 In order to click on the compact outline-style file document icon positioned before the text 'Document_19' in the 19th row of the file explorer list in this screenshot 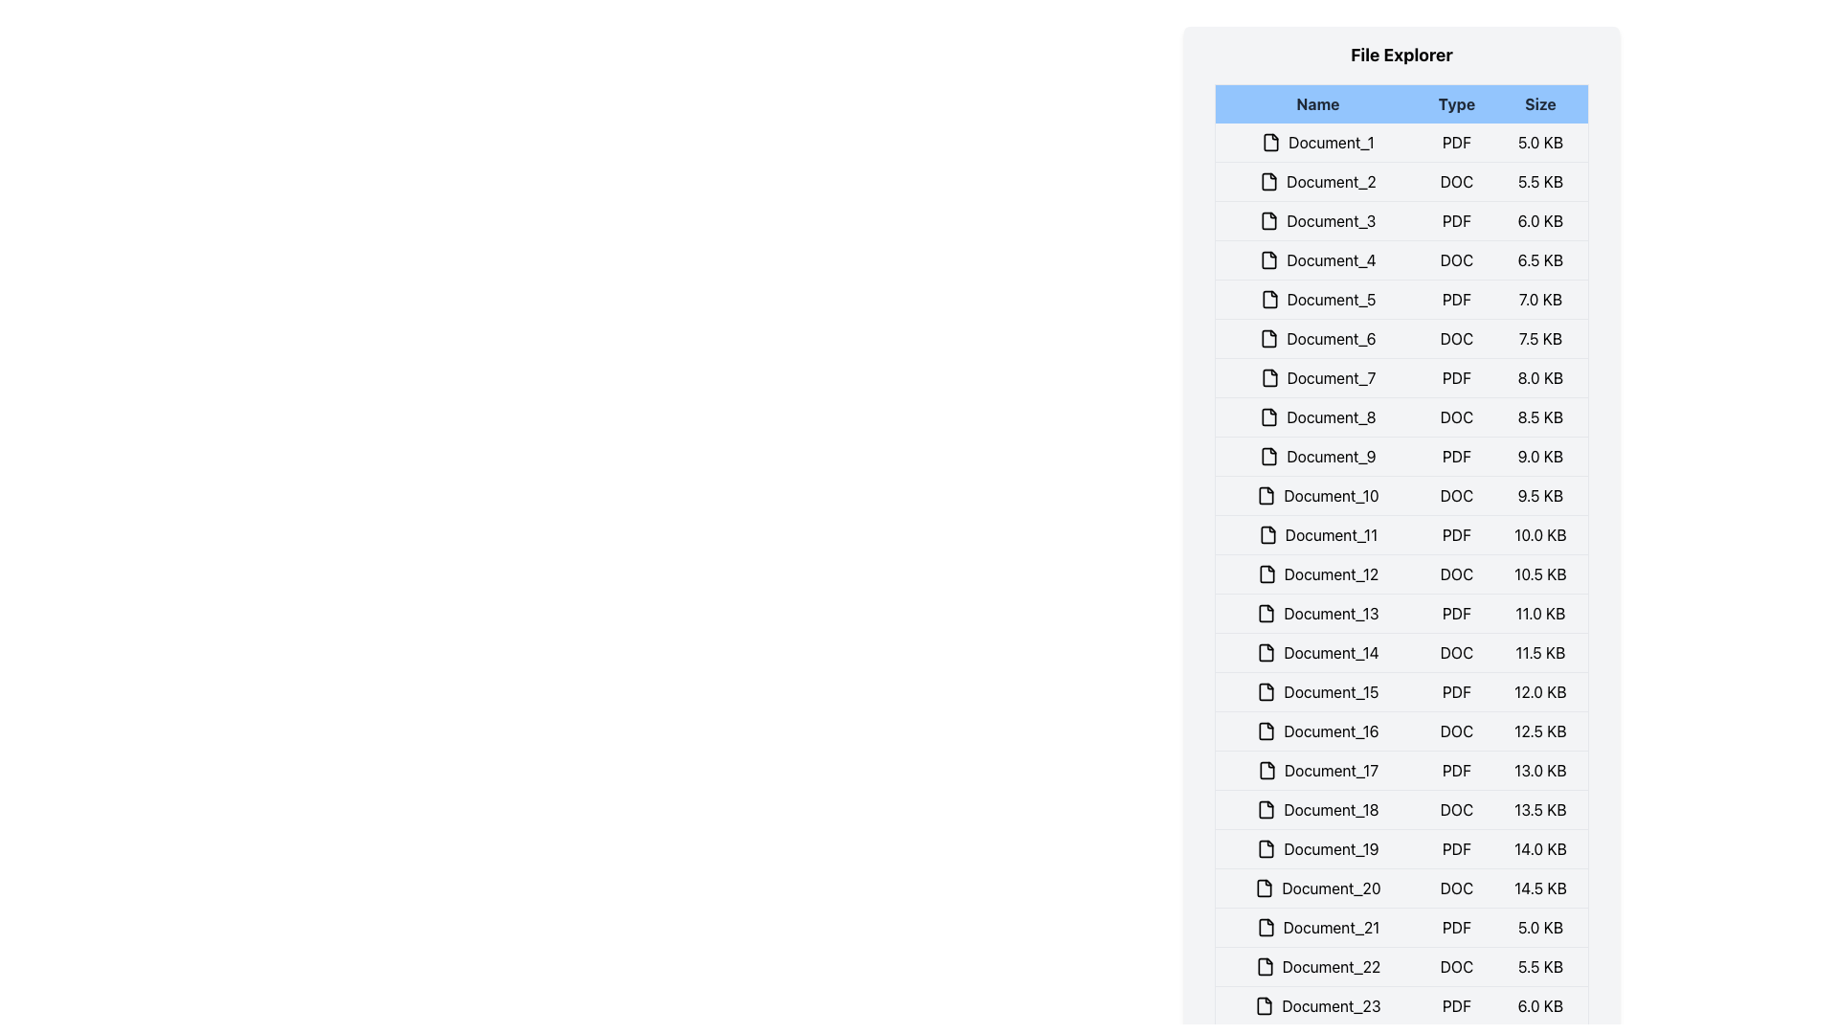, I will do `click(1266, 848)`.